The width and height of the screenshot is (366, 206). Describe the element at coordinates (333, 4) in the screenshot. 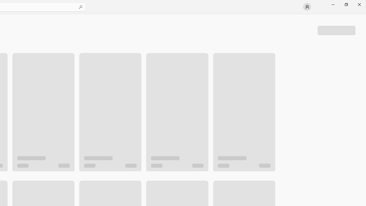

I see `'Minimize Microsoft Store'` at that location.